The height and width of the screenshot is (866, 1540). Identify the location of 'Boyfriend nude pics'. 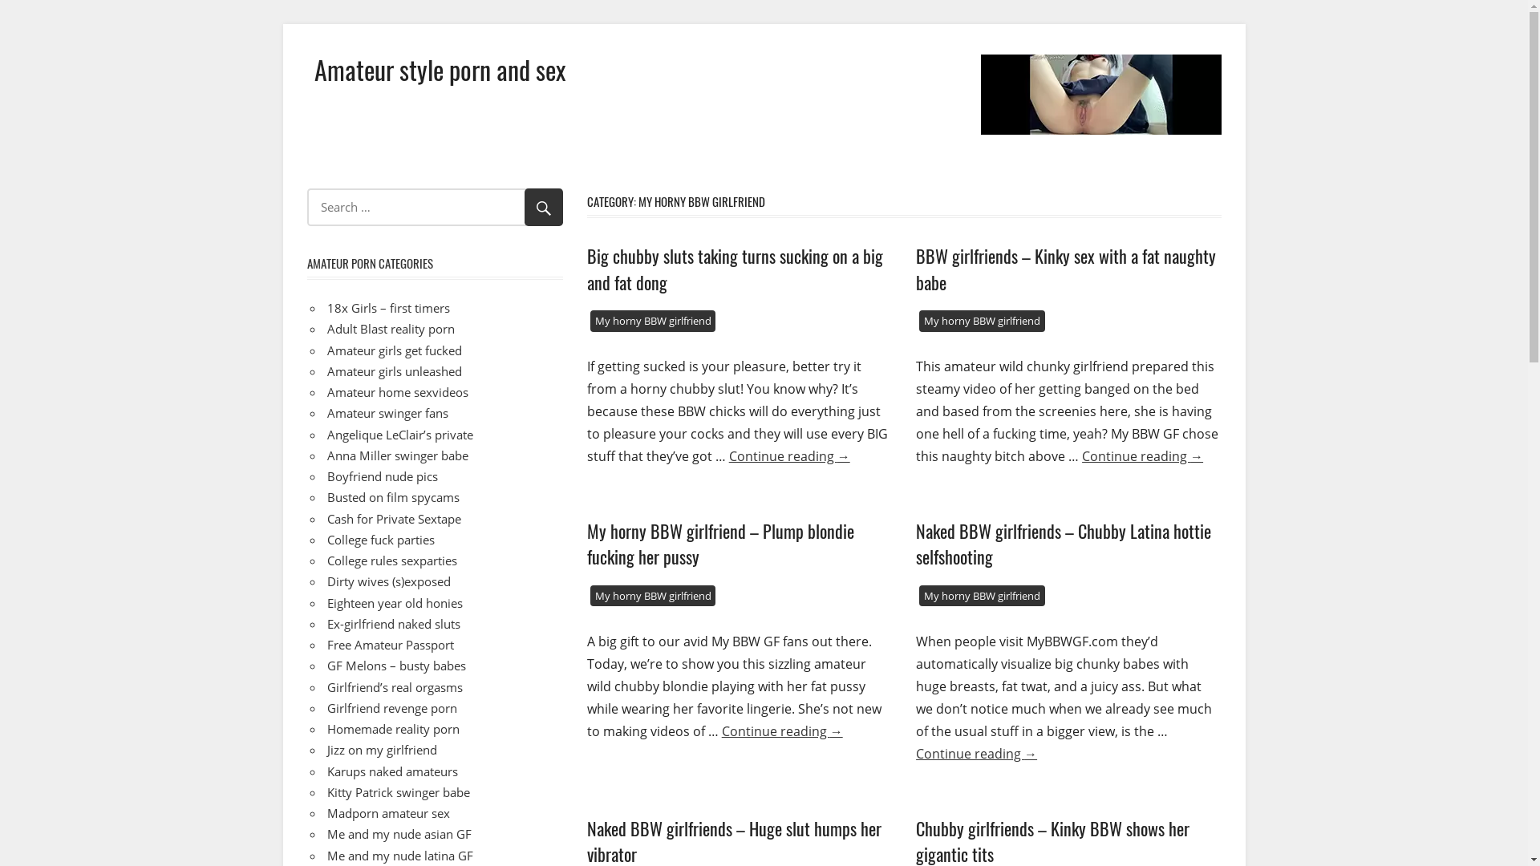
(381, 475).